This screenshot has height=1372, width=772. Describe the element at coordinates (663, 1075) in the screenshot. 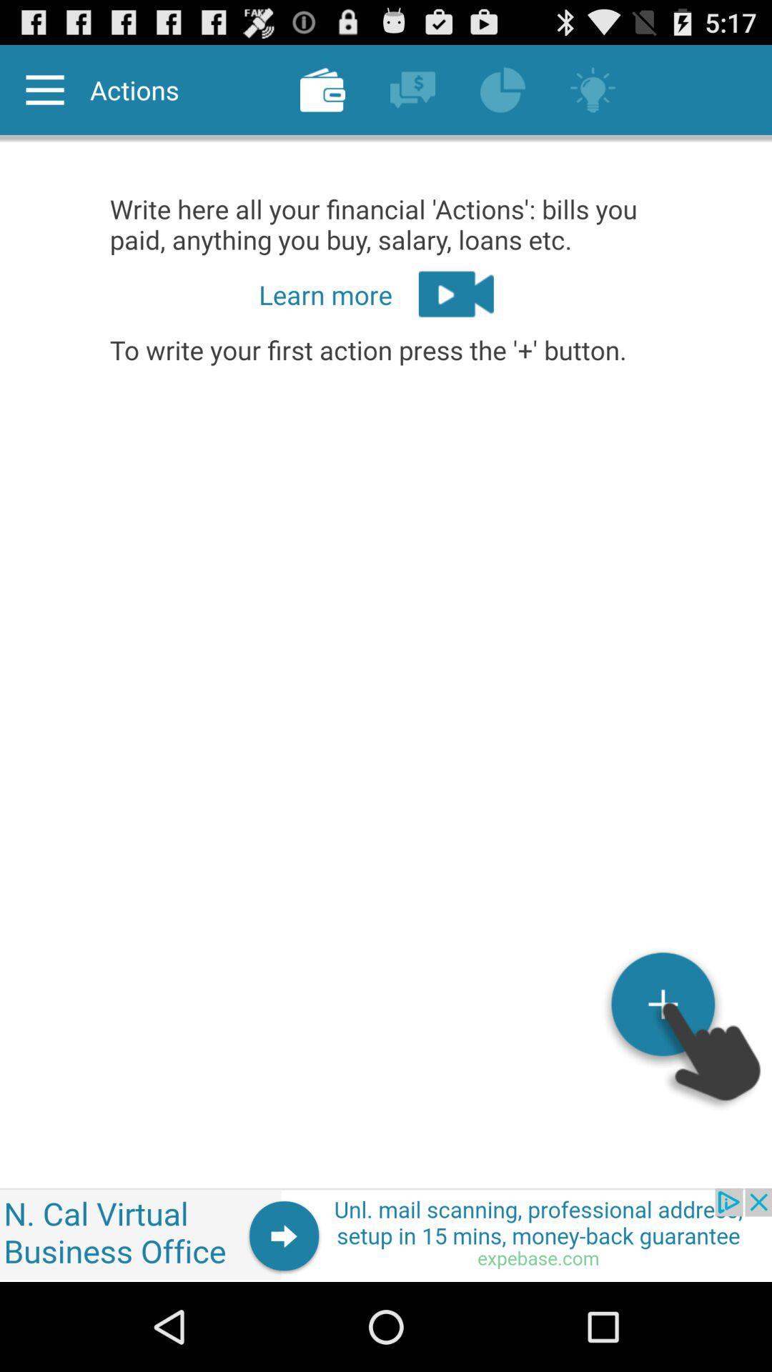

I see `the add icon` at that location.